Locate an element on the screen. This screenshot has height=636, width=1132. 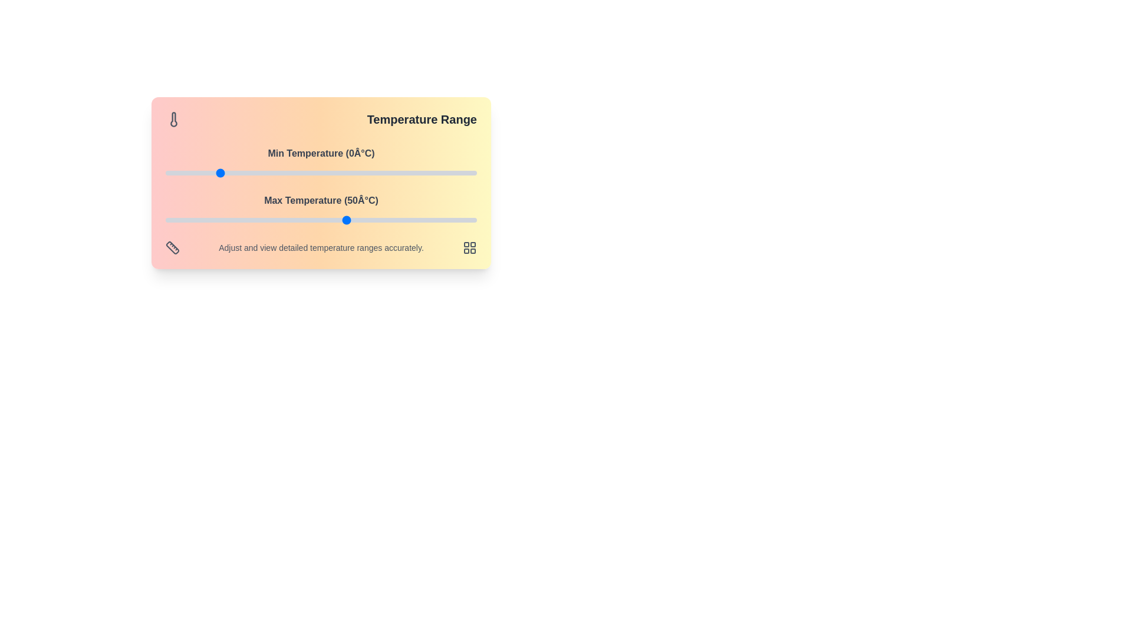
the minimum temperature slider to 71°C is located at coordinates (402, 173).